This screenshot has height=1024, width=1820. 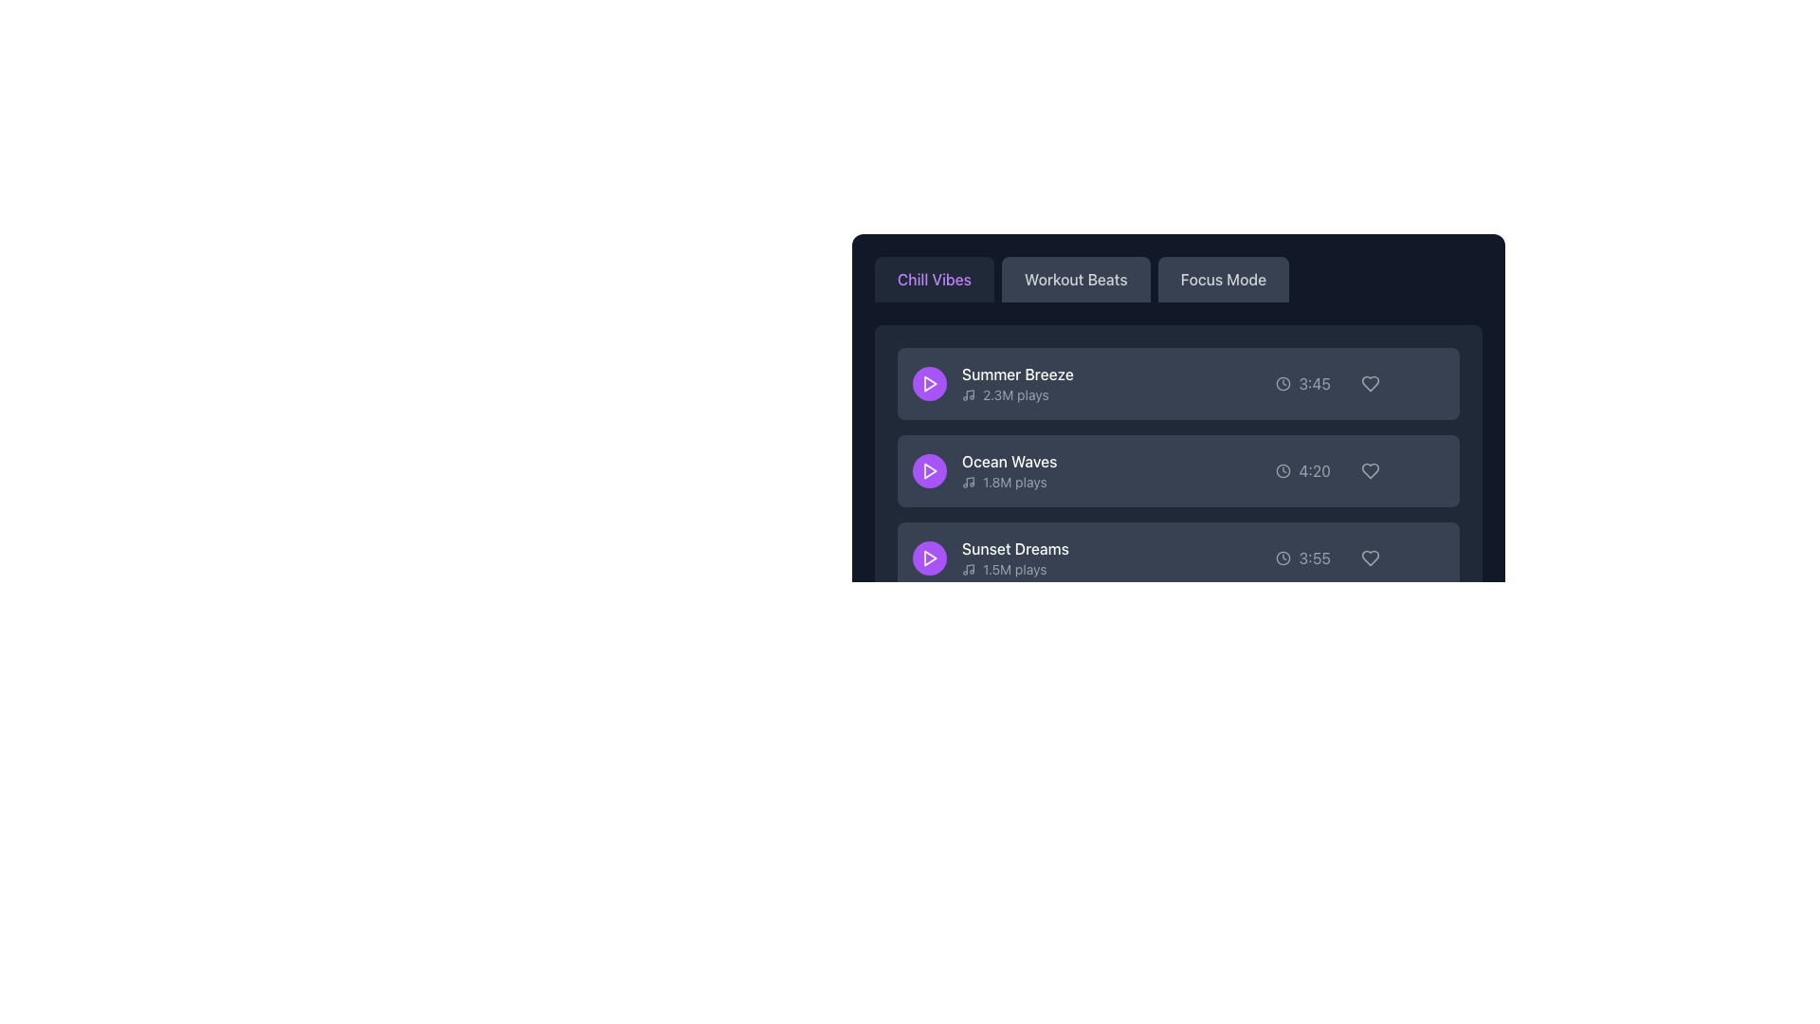 I want to click on the SVG Circle that visually represents the clock face in the first music track row, located at the top right corner adjacent to the track duration, so click(x=1283, y=384).